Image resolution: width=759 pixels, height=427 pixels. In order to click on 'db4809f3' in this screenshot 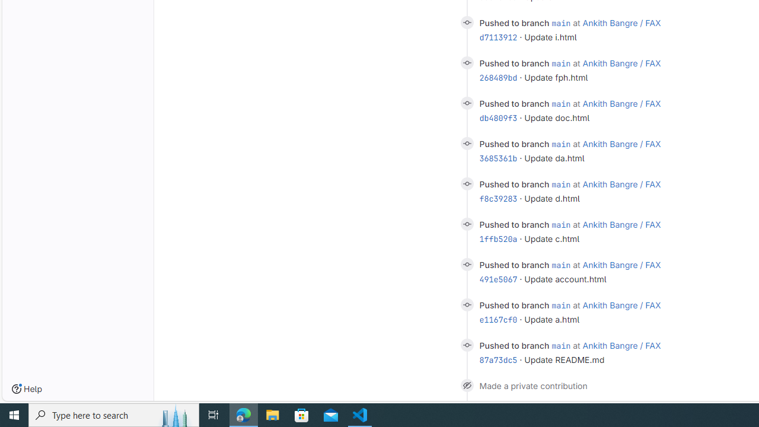, I will do `click(498, 118)`.